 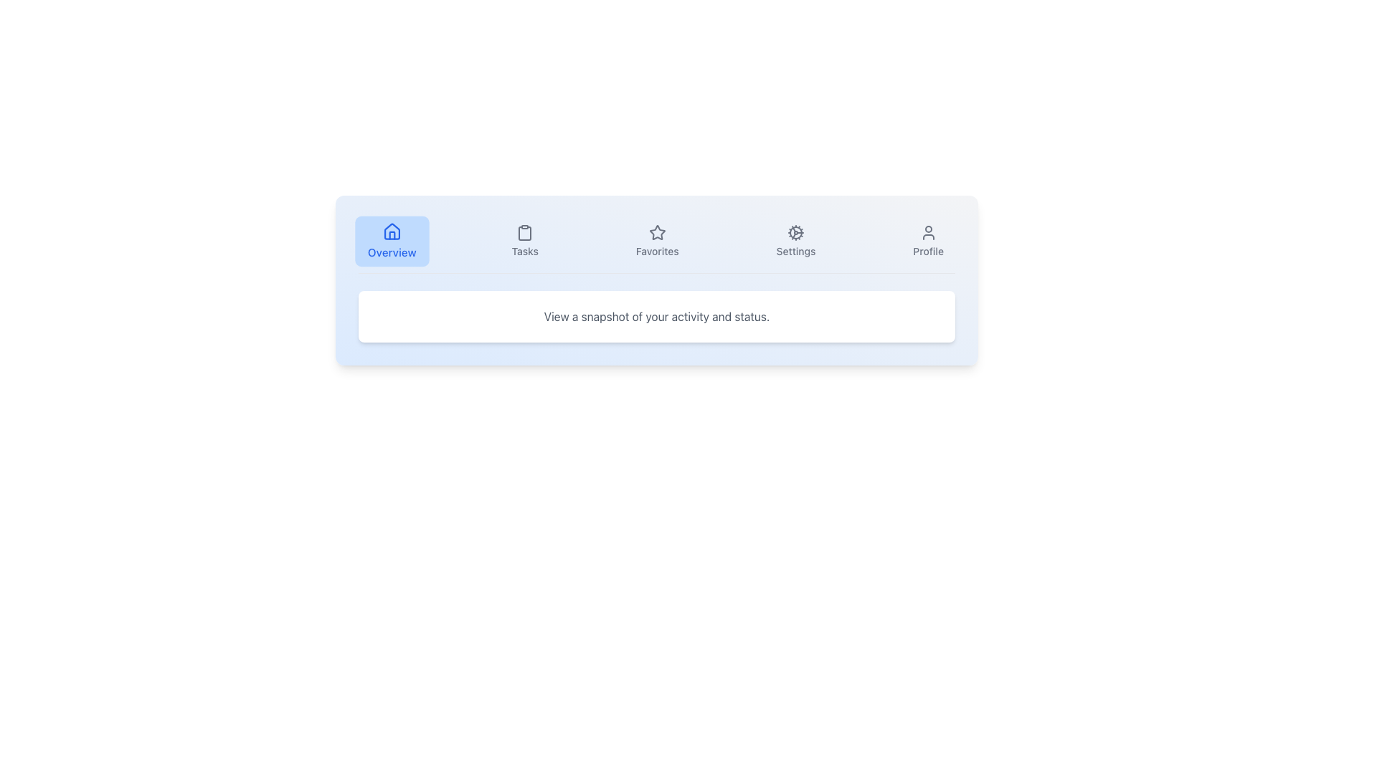 What do you see at coordinates (795, 251) in the screenshot?
I see `the 'Settings' text label located beneath the cogwheel icon in the horizontal navigation menu near the upper-center of the interface` at bounding box center [795, 251].